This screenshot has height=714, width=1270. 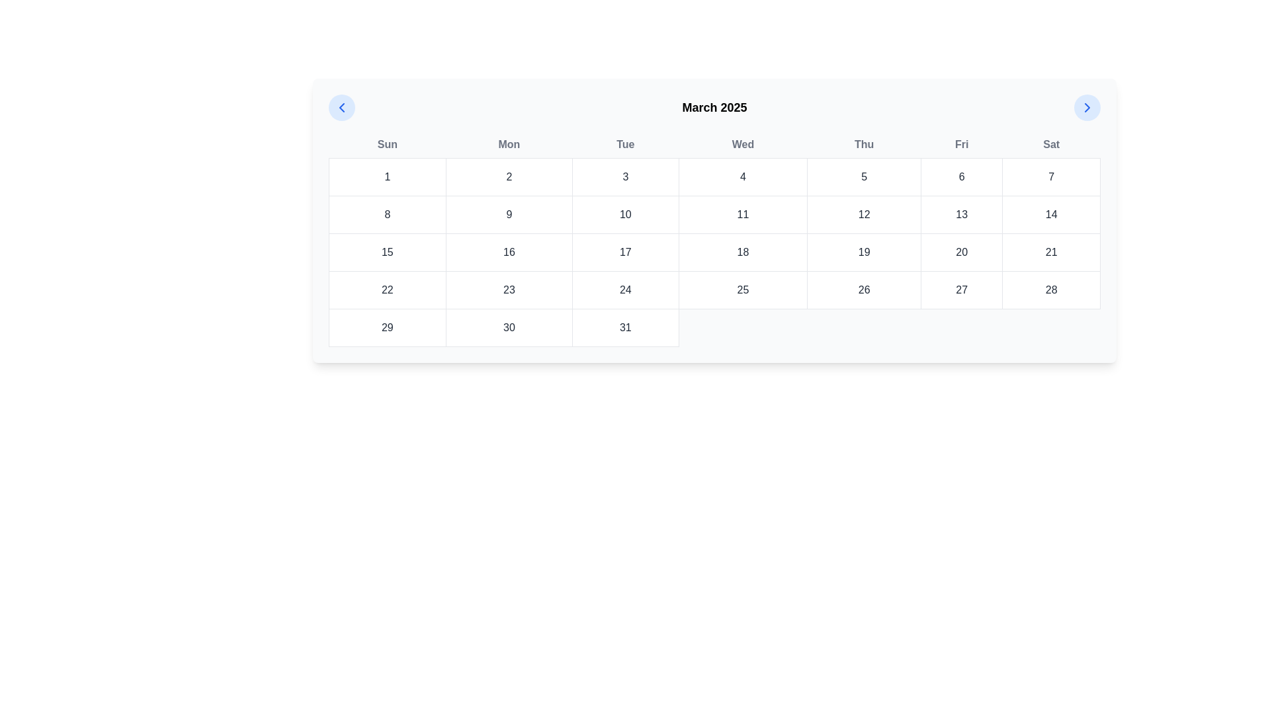 What do you see at coordinates (1050, 176) in the screenshot?
I see `the selectable calendar day box containing the number '7'` at bounding box center [1050, 176].